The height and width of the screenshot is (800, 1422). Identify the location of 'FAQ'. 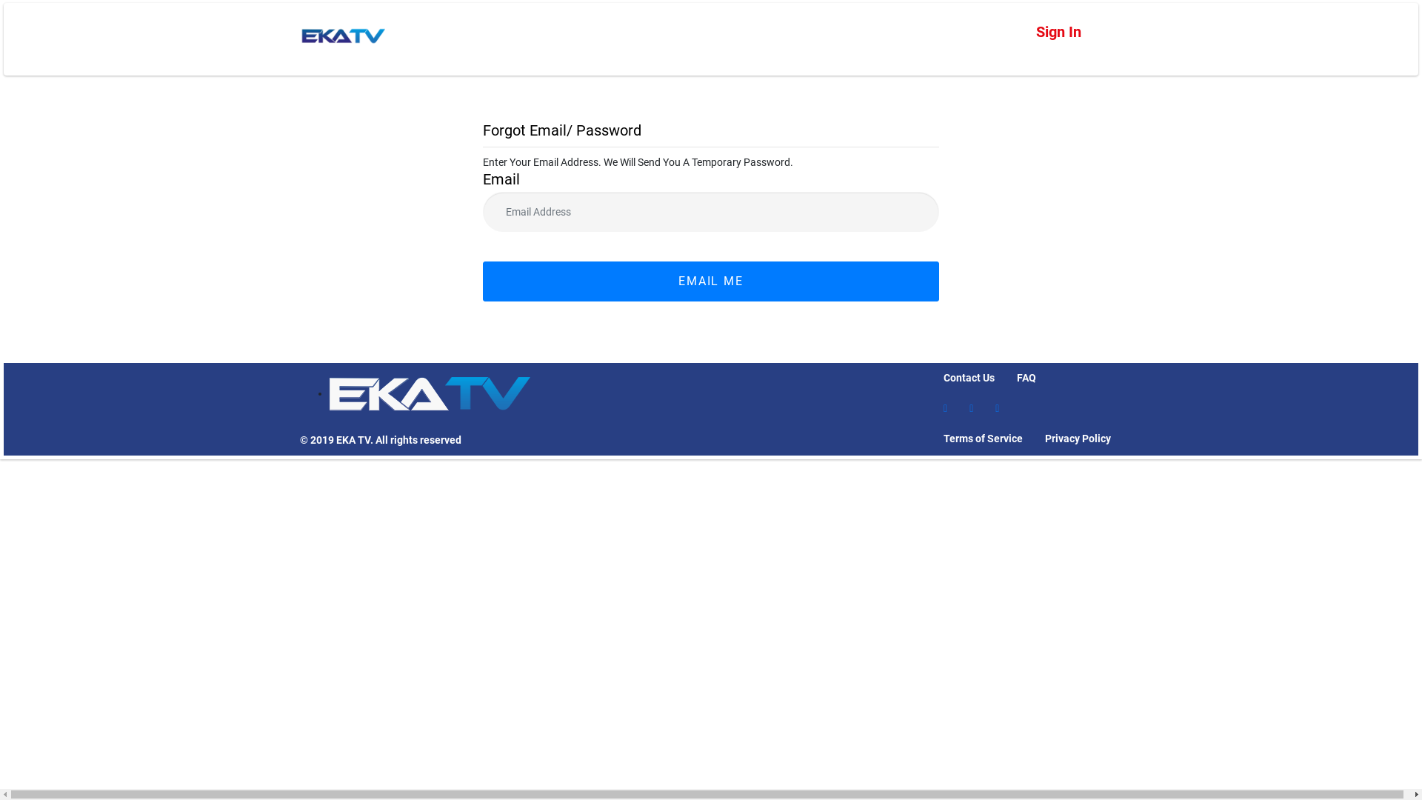
(1026, 377).